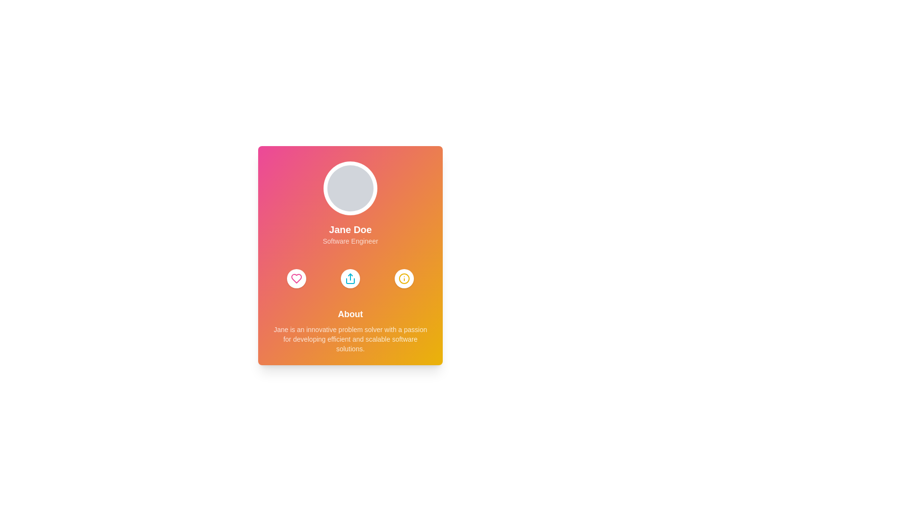 The width and height of the screenshot is (923, 519). I want to click on the information icon located in the middle of the bottom row of three icons underneath the profile information, so click(404, 278).